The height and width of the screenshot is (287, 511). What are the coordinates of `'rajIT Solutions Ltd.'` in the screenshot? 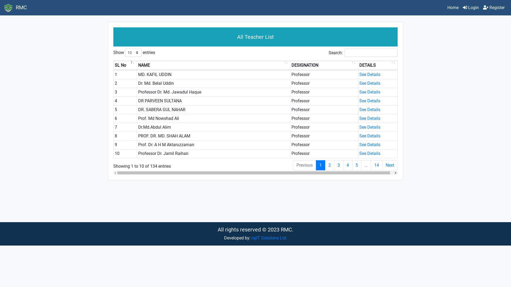 It's located at (269, 238).